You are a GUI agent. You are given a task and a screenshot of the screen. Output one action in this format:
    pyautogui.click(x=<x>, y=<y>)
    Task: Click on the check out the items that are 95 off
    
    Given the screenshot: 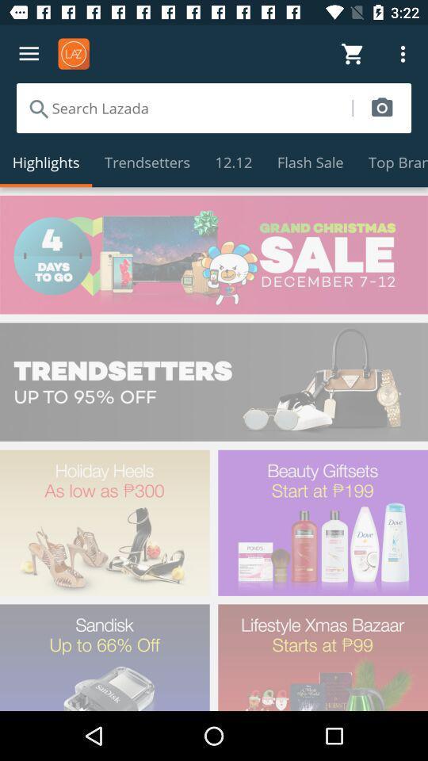 What is the action you would take?
    pyautogui.click(x=214, y=381)
    